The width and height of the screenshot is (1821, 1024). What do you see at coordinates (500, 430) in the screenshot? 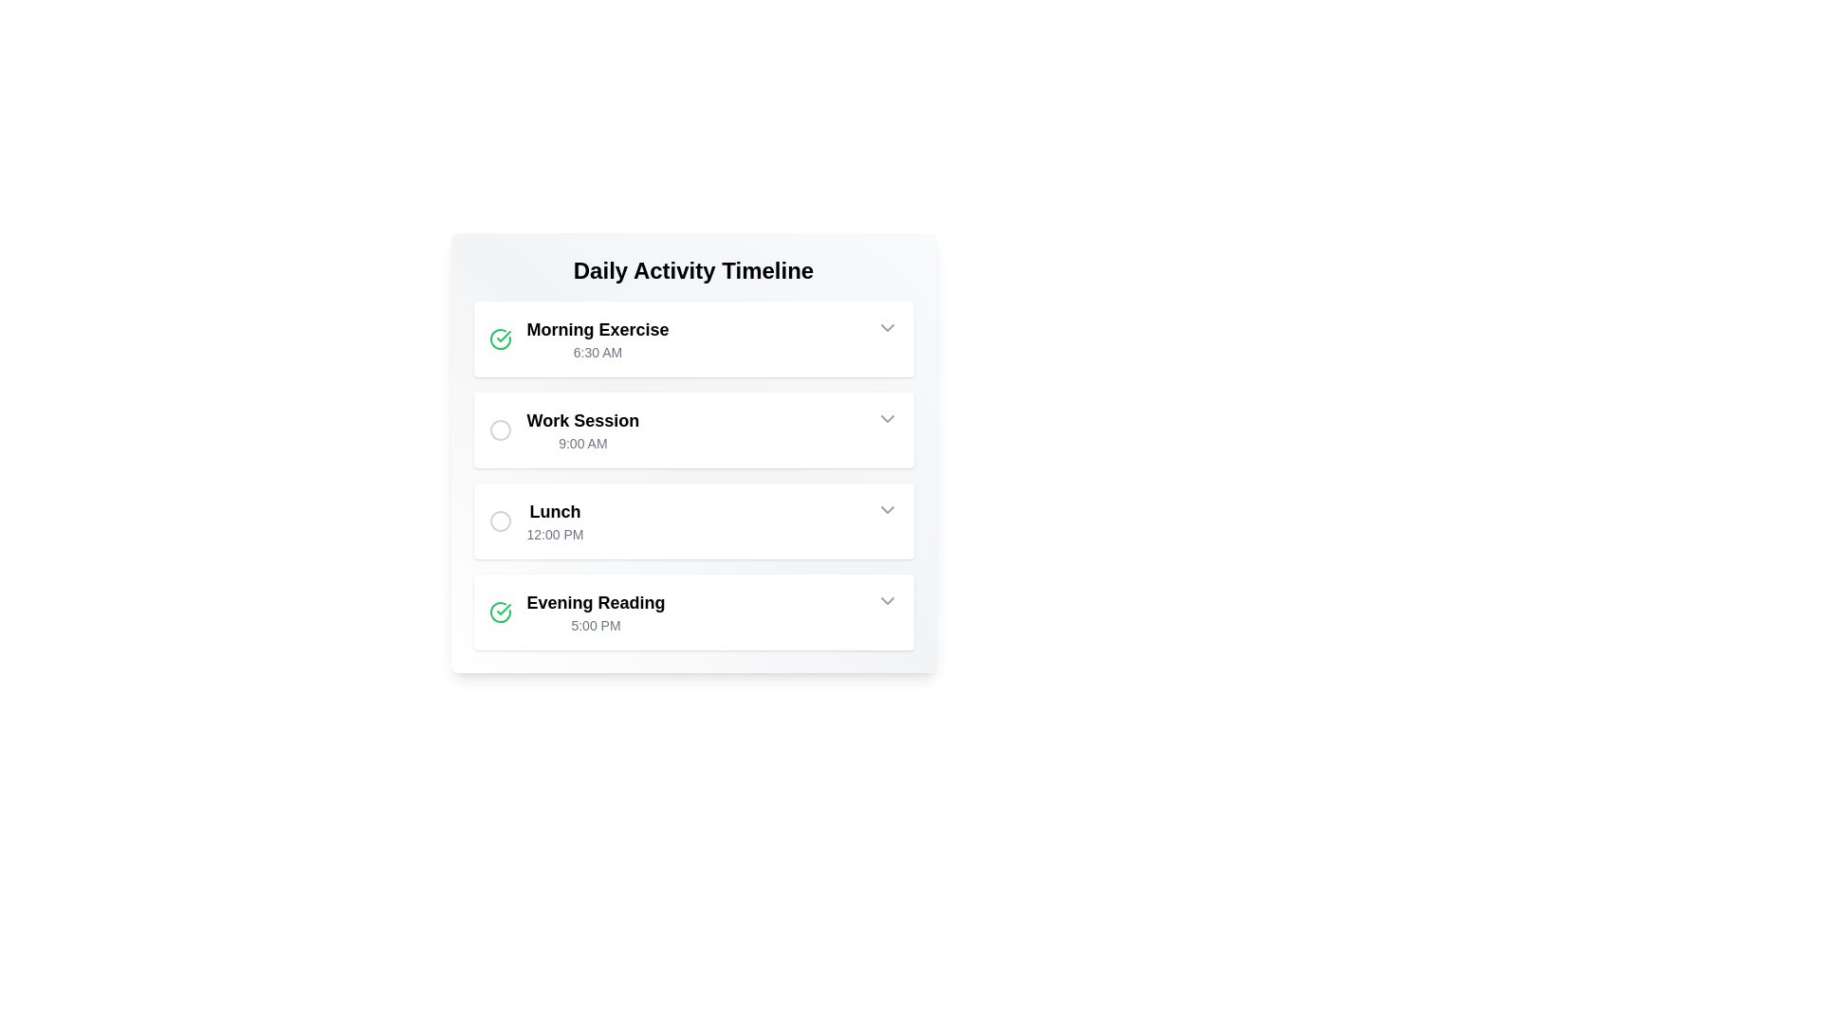
I see `the circular graphical icon that serves as a status indicator for the 'Work Session' item at '9:00 AM' in the activity list` at bounding box center [500, 430].